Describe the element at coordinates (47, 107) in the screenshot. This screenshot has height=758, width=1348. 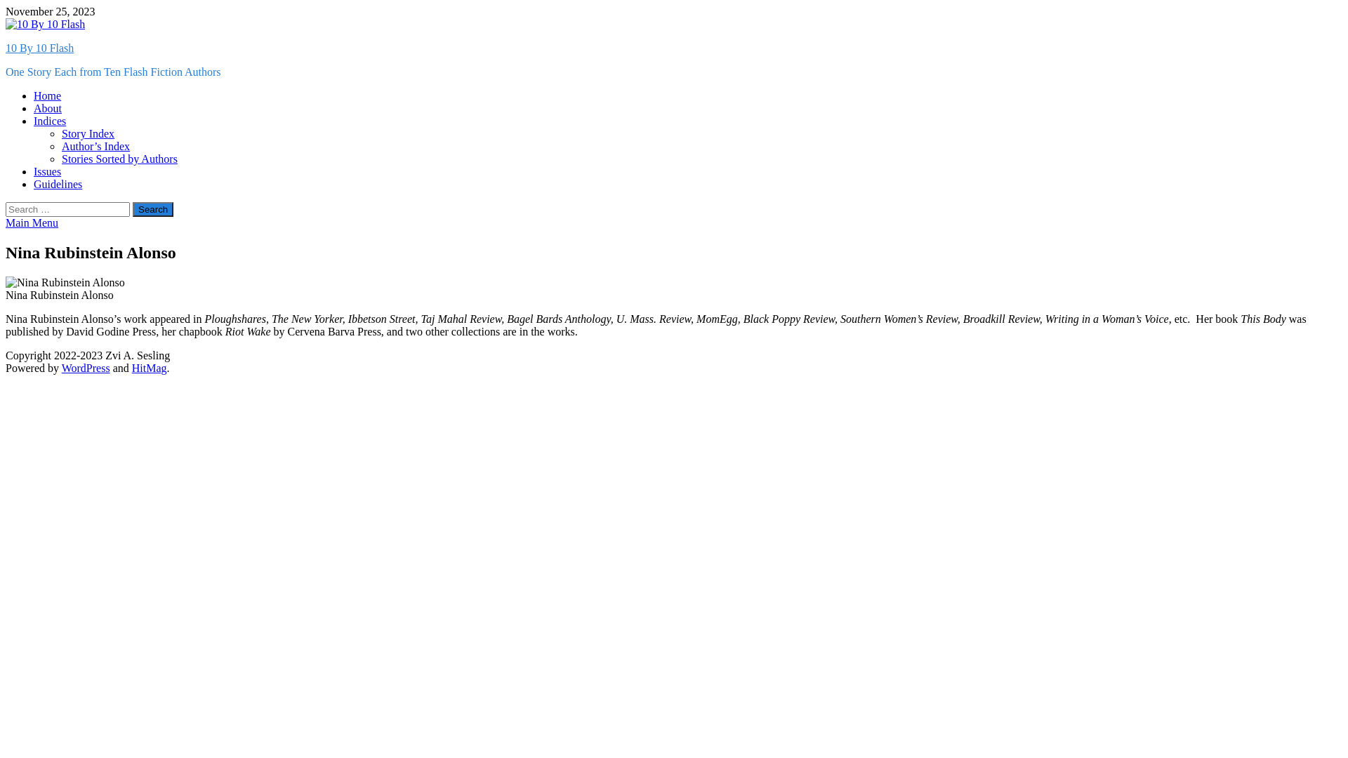
I see `'About'` at that location.